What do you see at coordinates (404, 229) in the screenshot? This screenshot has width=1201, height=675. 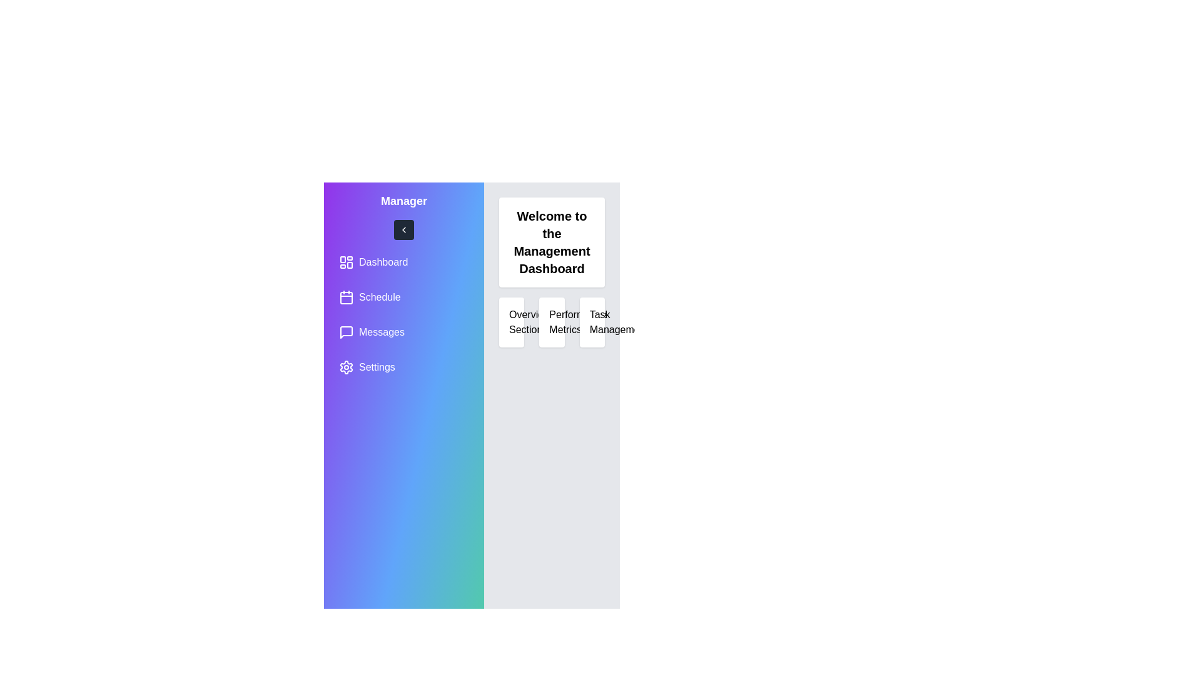 I see `the icon button located at the top of the sidebar, just below the 'Manager' title` at bounding box center [404, 229].